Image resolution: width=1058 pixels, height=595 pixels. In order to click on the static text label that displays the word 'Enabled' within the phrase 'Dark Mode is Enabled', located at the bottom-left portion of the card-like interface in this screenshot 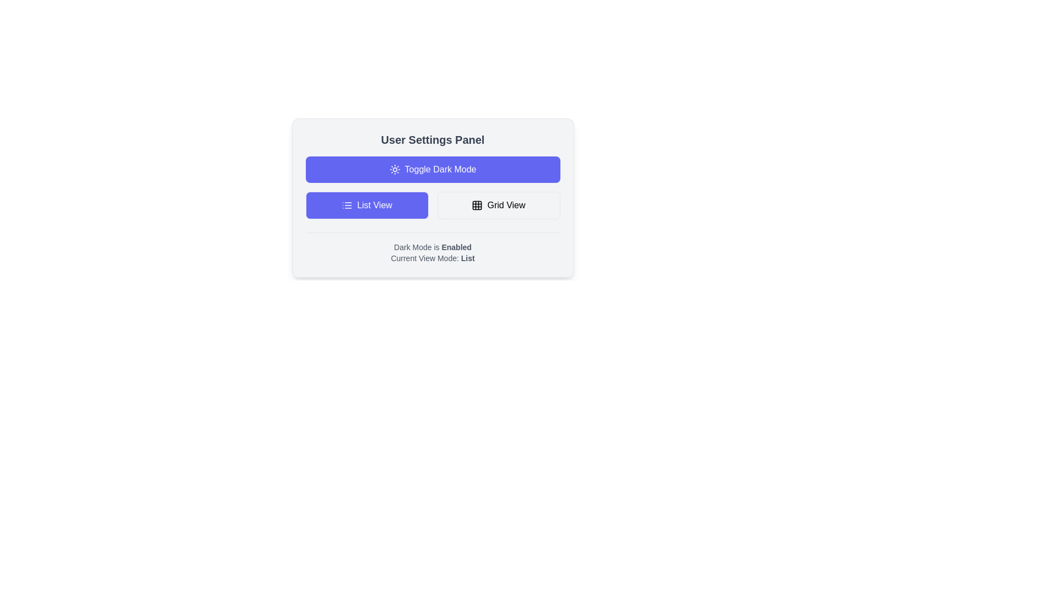, I will do `click(456, 246)`.